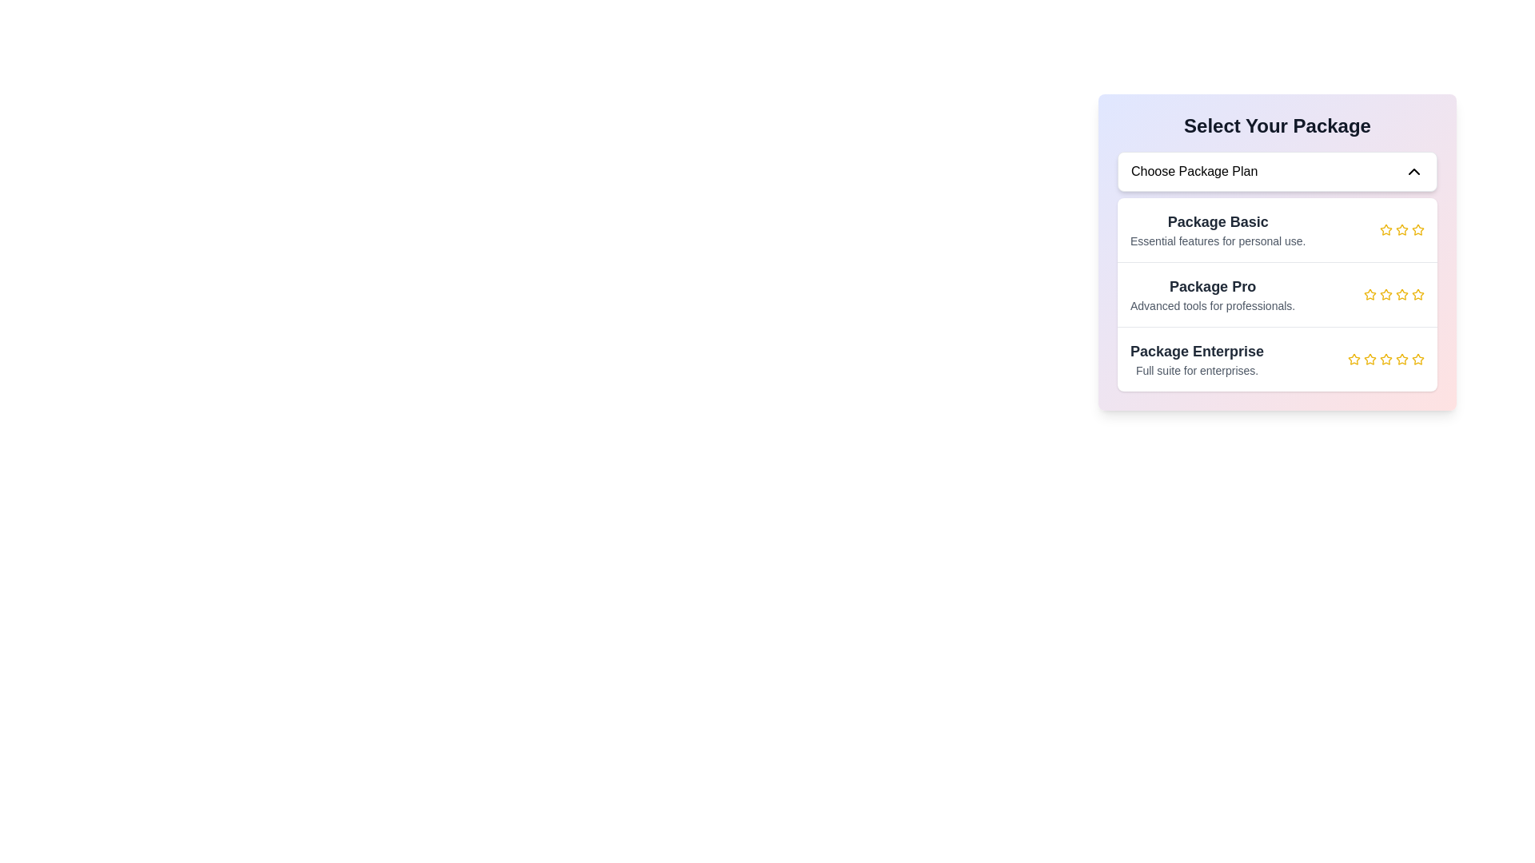 The image size is (1535, 863). Describe the element at coordinates (1385, 360) in the screenshot. I see `the fourth star-shaped rating icon in the horizontal row under 'Package Enterprise'` at that location.